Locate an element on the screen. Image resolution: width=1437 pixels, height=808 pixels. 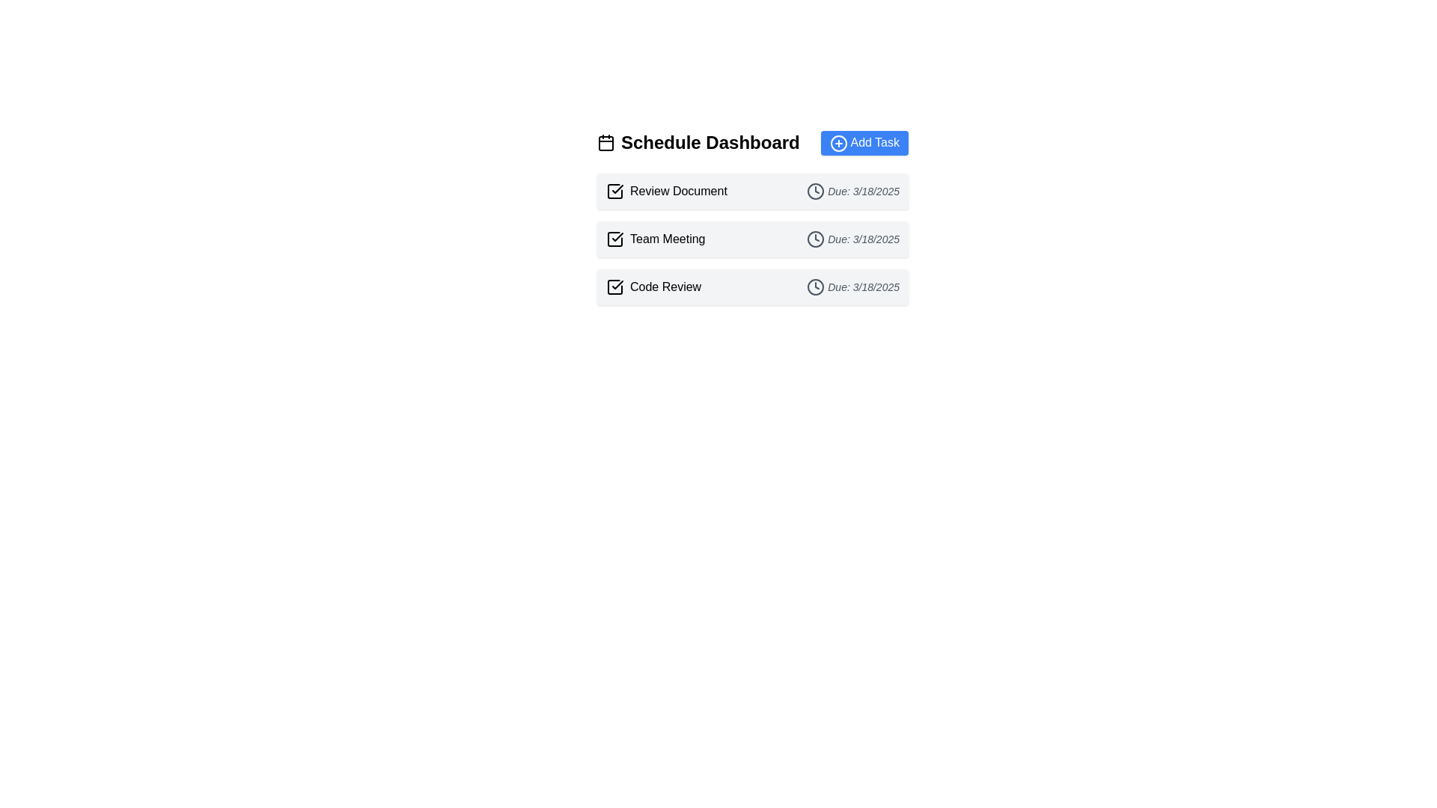
check-mark icon within the checkbox for the second task in the vertical column of task items is located at coordinates (617, 236).